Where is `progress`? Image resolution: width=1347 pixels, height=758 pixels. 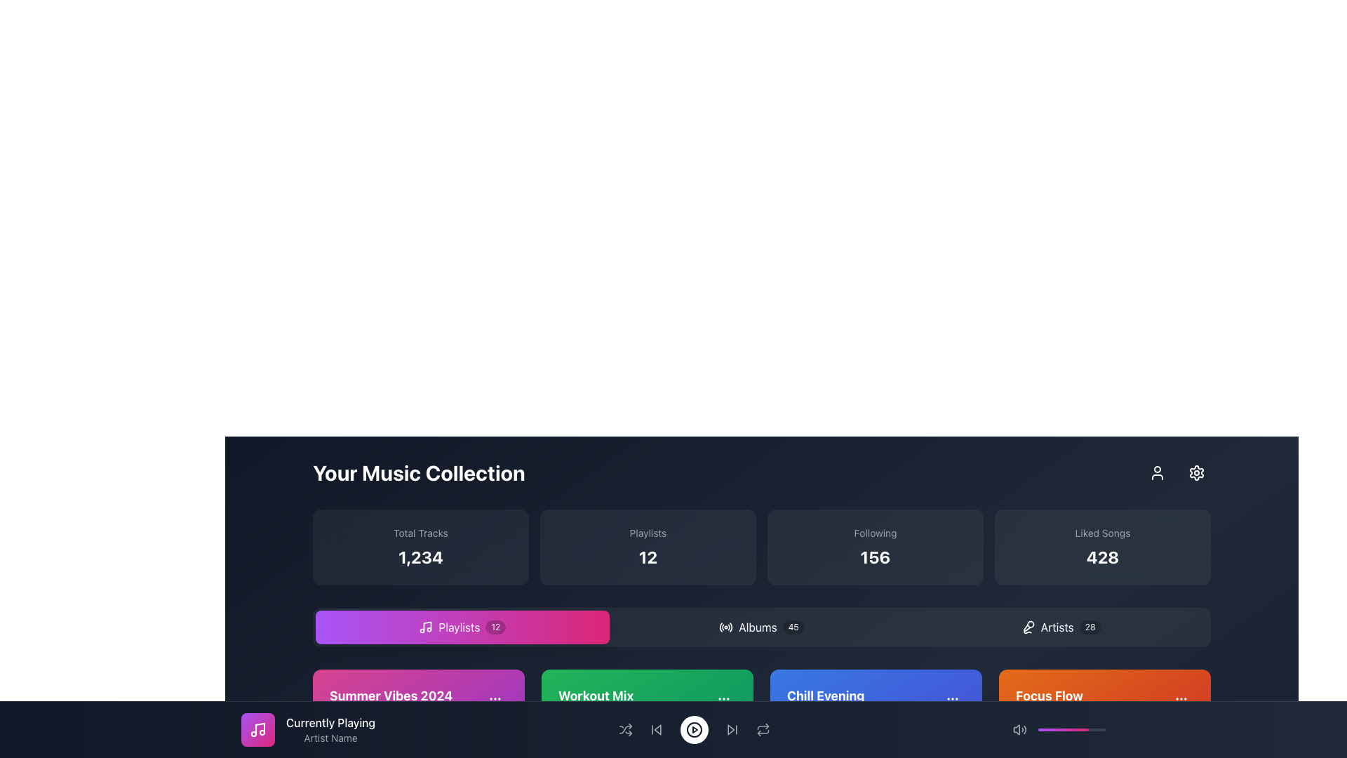 progress is located at coordinates (1068, 729).